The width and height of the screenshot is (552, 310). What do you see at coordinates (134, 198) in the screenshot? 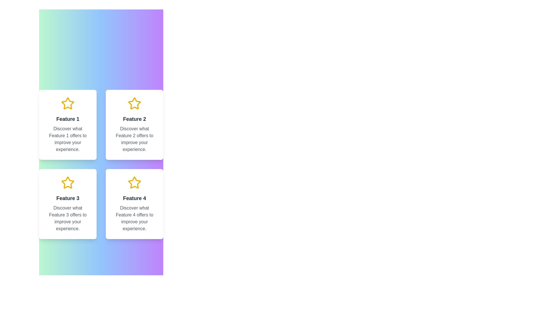
I see `text label titled 'Feature 4' which is displayed in bold font and is located centrally near the top of its card layout` at bounding box center [134, 198].